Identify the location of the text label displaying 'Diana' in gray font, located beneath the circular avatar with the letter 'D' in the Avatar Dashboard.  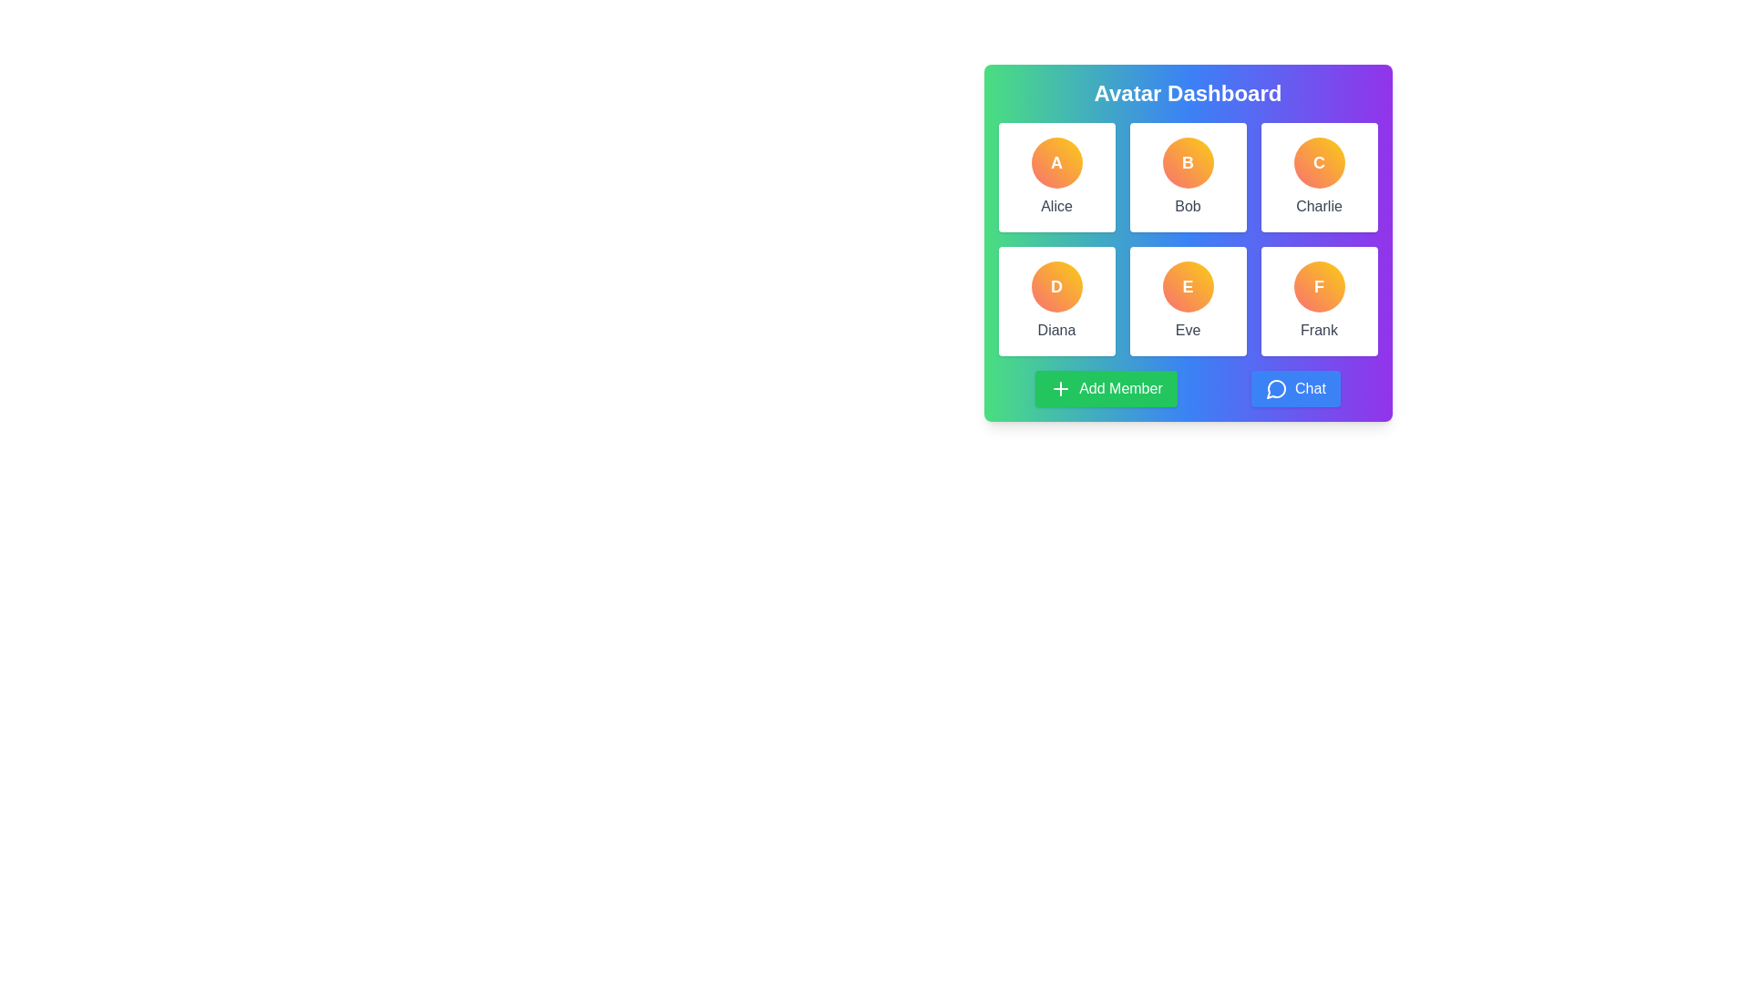
(1056, 330).